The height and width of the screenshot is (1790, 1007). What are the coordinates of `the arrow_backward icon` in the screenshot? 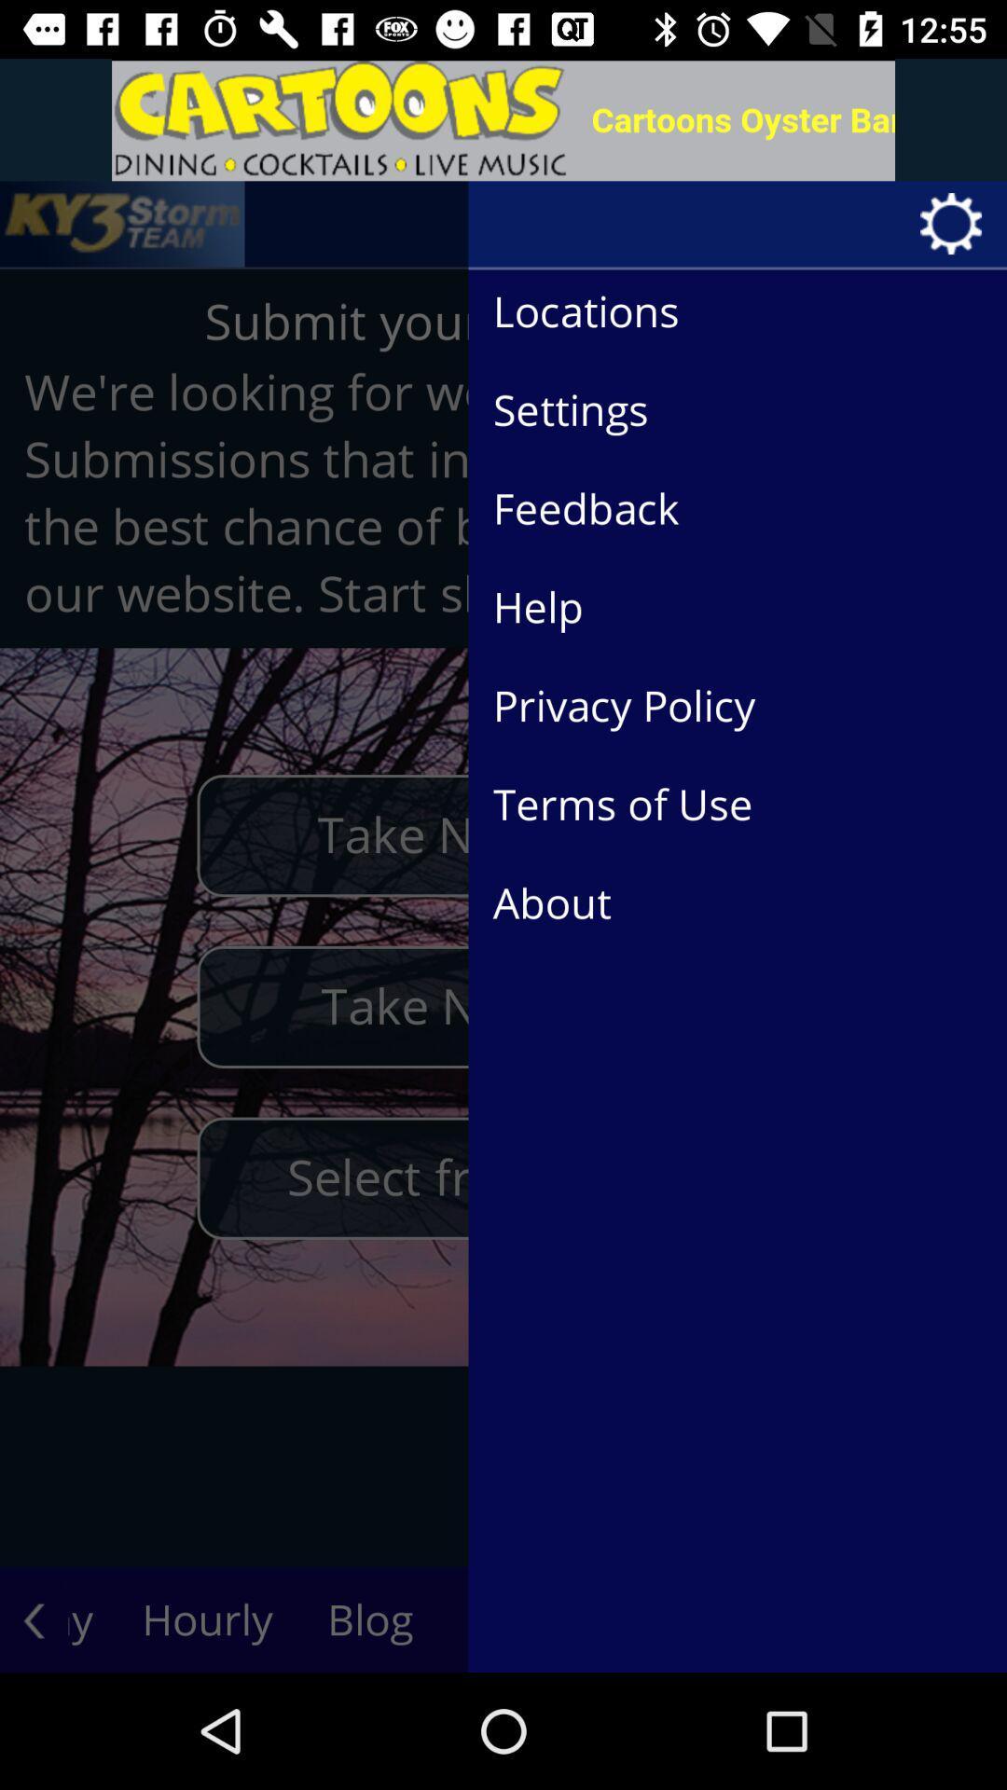 It's located at (34, 1619).